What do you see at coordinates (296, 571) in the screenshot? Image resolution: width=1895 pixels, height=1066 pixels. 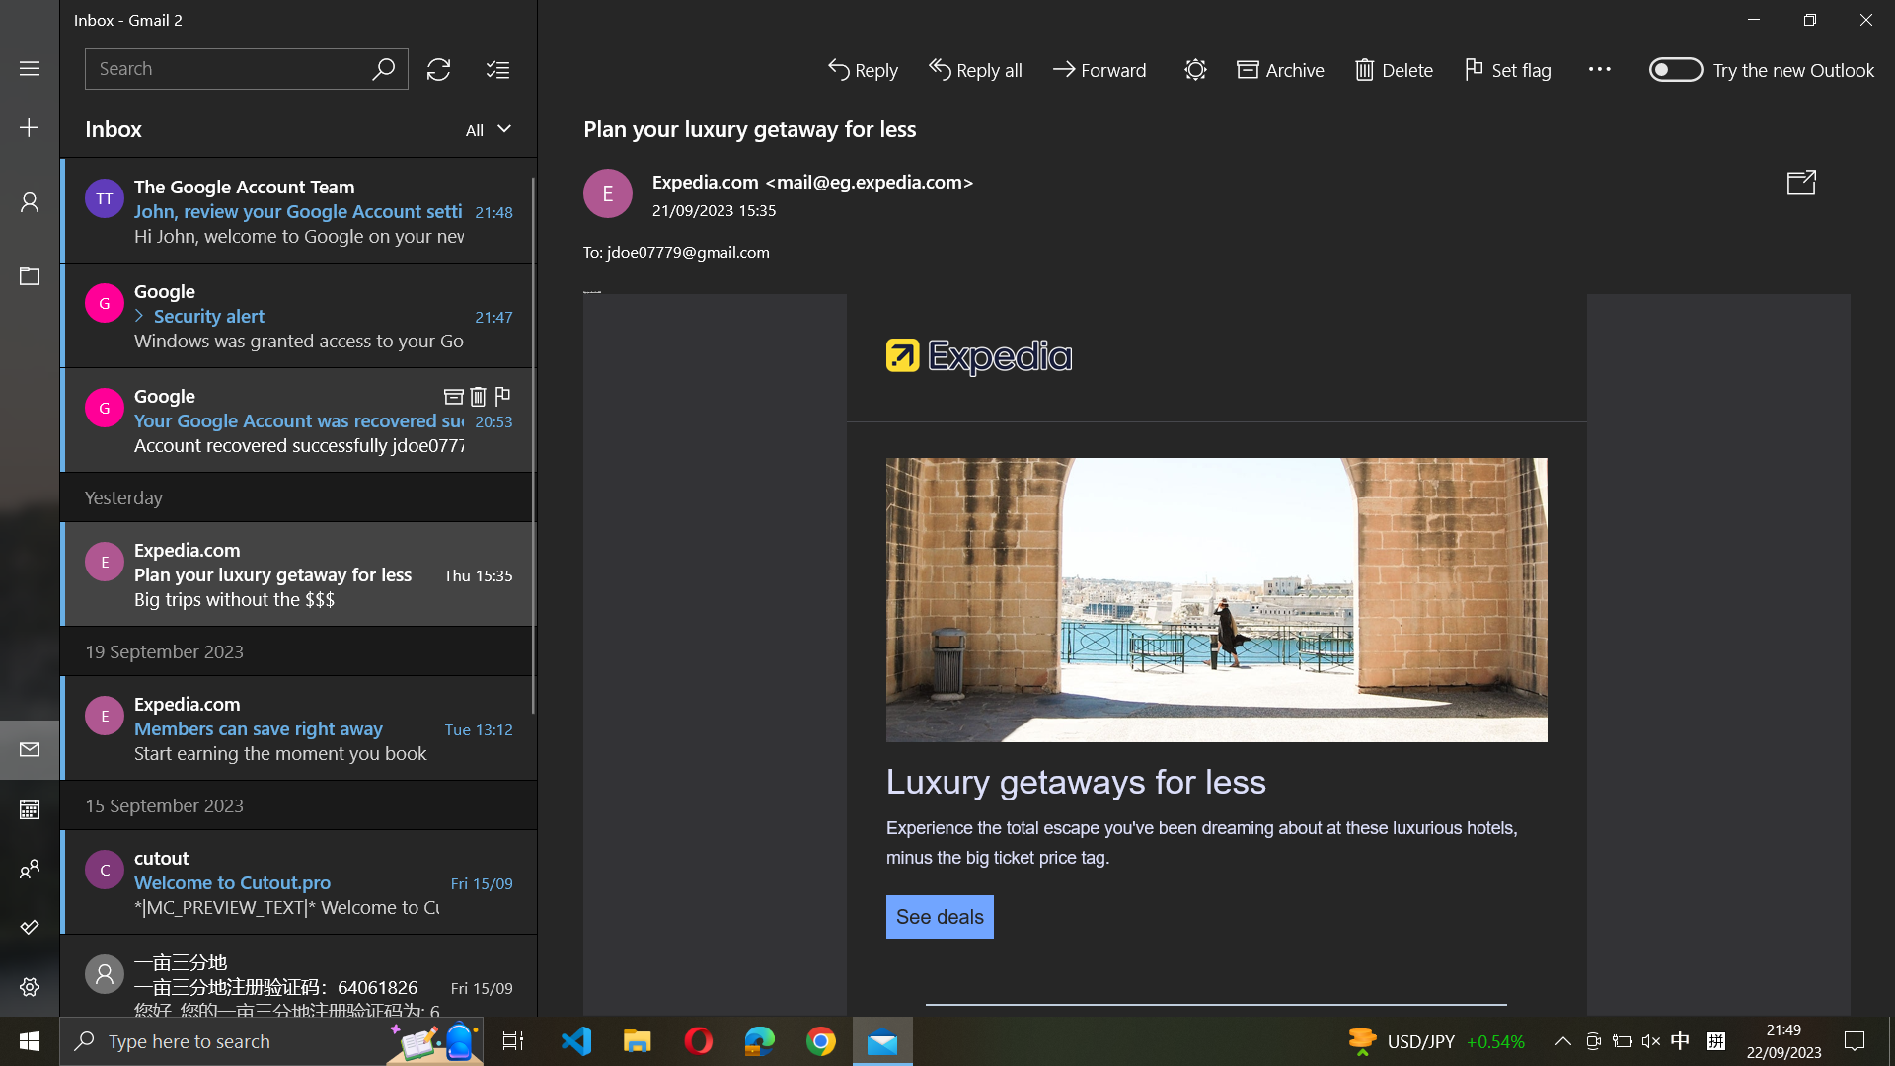 I see `Expedia.com email received yesterday and hide the navigation panel` at bounding box center [296, 571].